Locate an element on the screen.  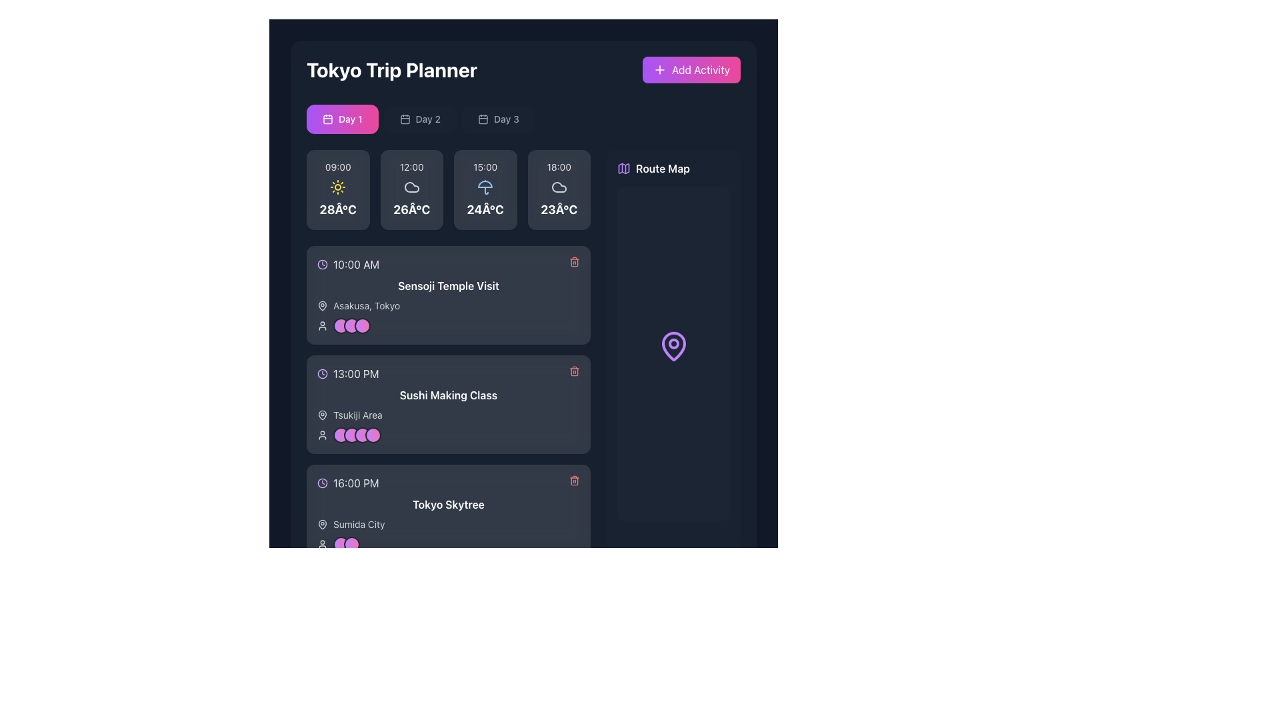
the map pin icon, which is a vector-based outline design indicating location, positioned before the text 'Asakusa, Tokyo' is located at coordinates (323, 306).